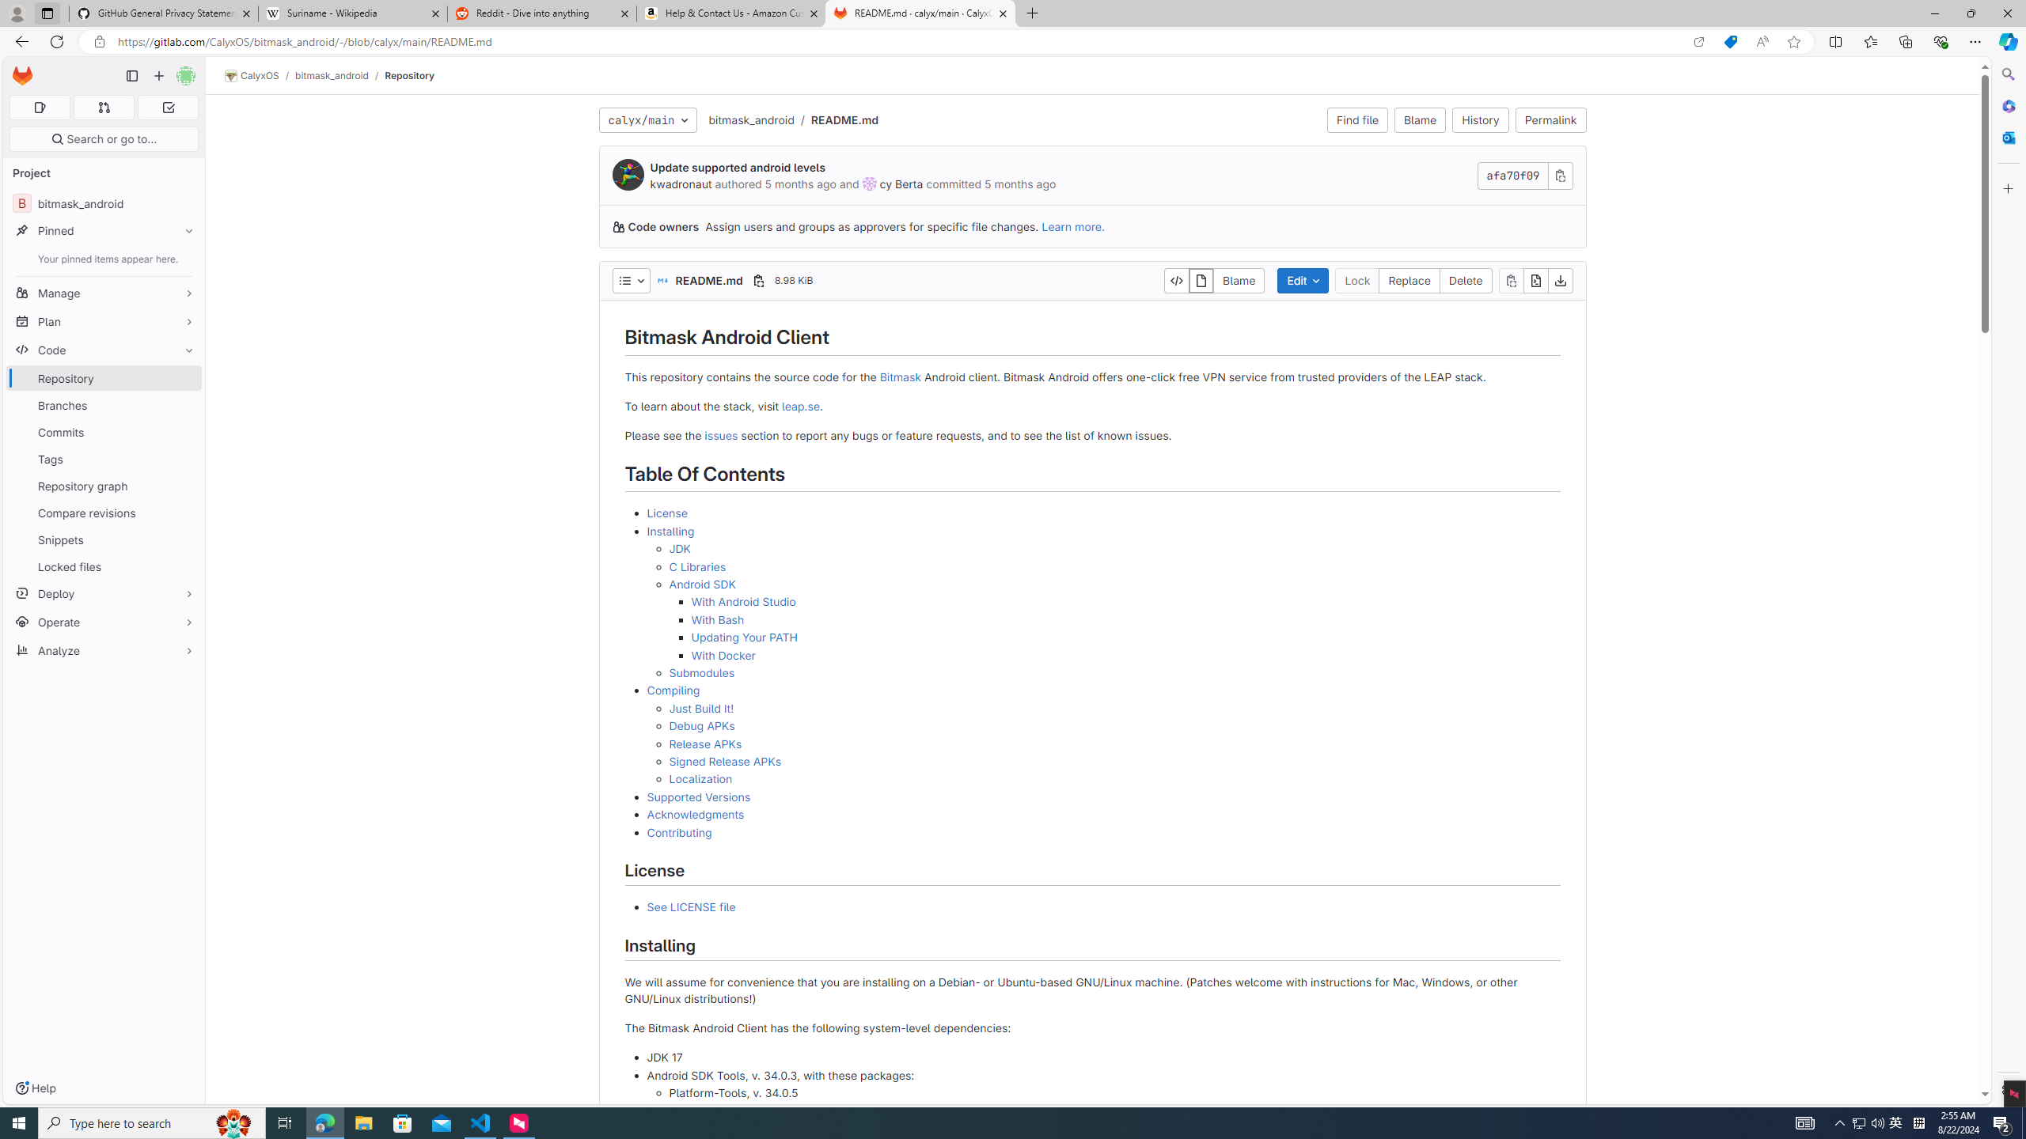  What do you see at coordinates (1509, 279) in the screenshot?
I see `'Copy file contents'` at bounding box center [1509, 279].